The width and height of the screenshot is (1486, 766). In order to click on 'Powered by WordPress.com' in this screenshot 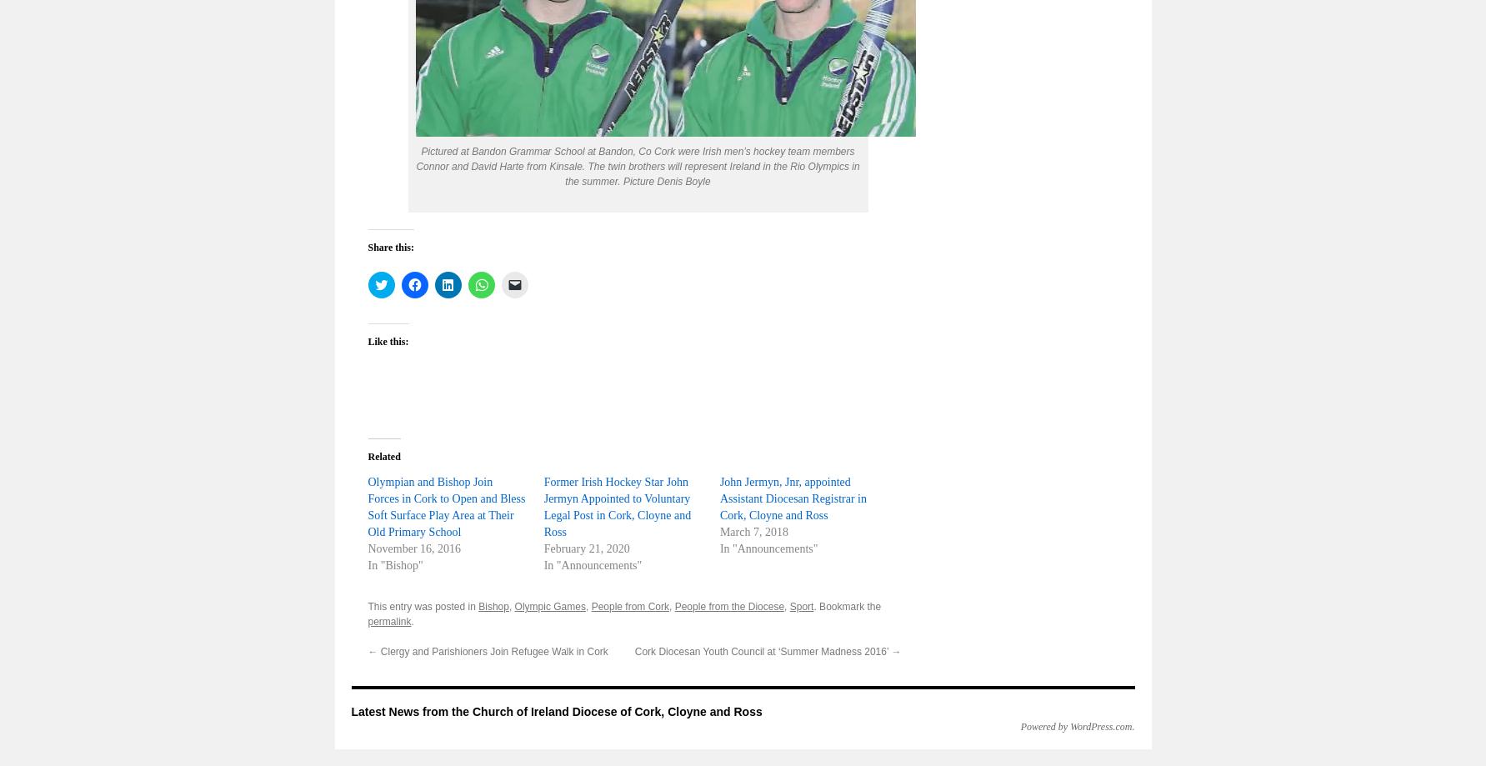, I will do `click(1075, 726)`.